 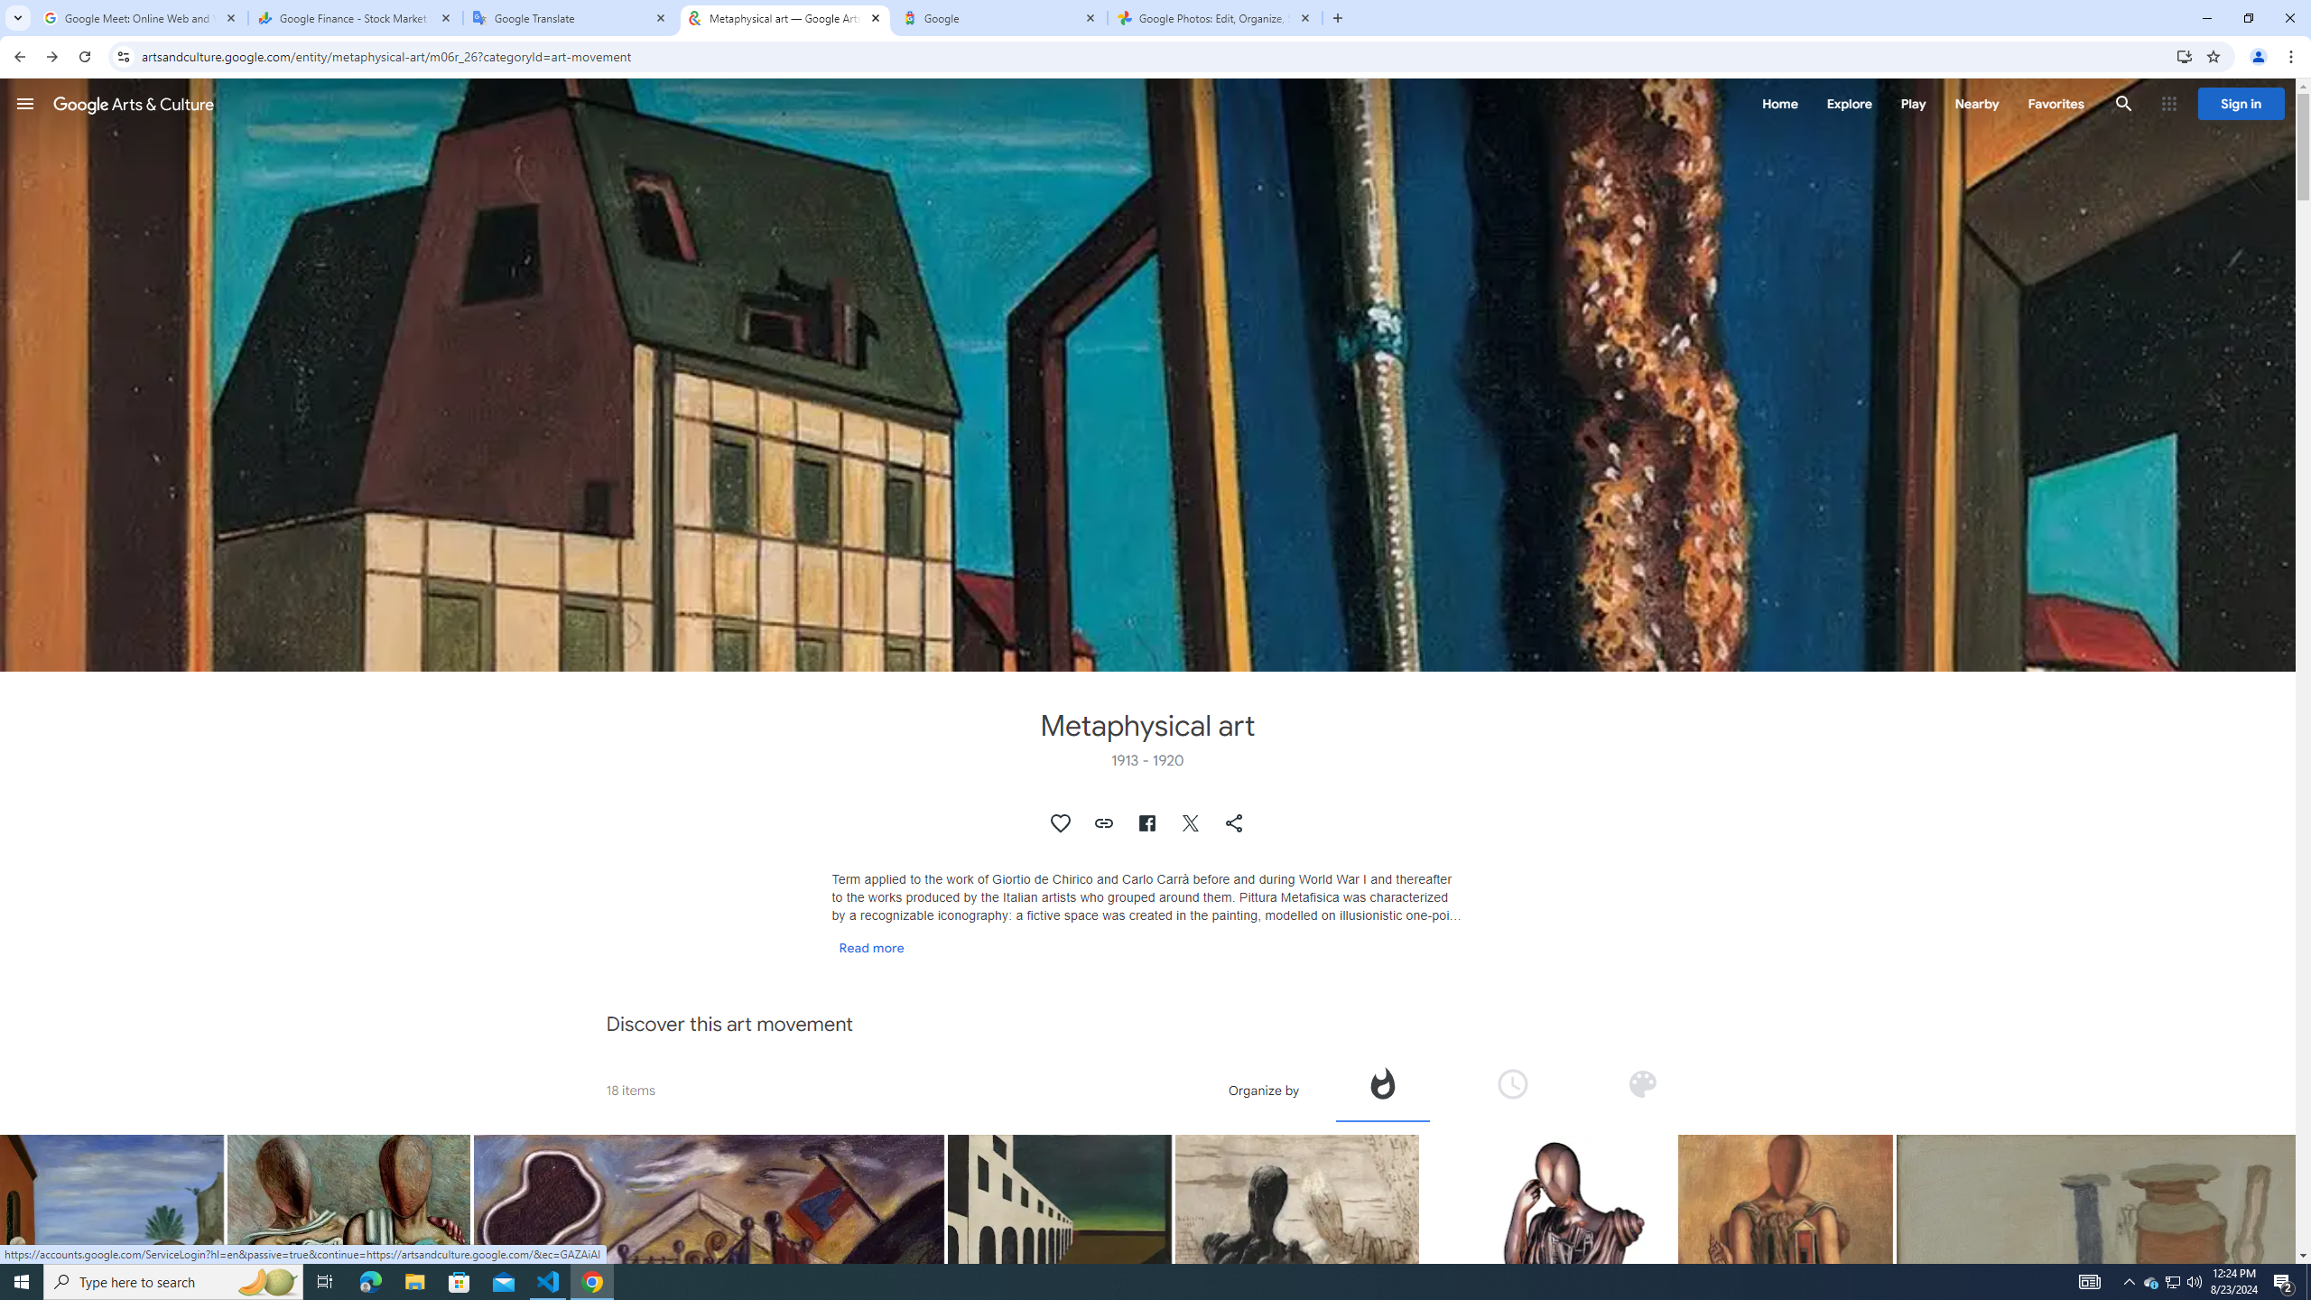 What do you see at coordinates (1234, 822) in the screenshot?
I see `'Share "Metaphysical art"'` at bounding box center [1234, 822].